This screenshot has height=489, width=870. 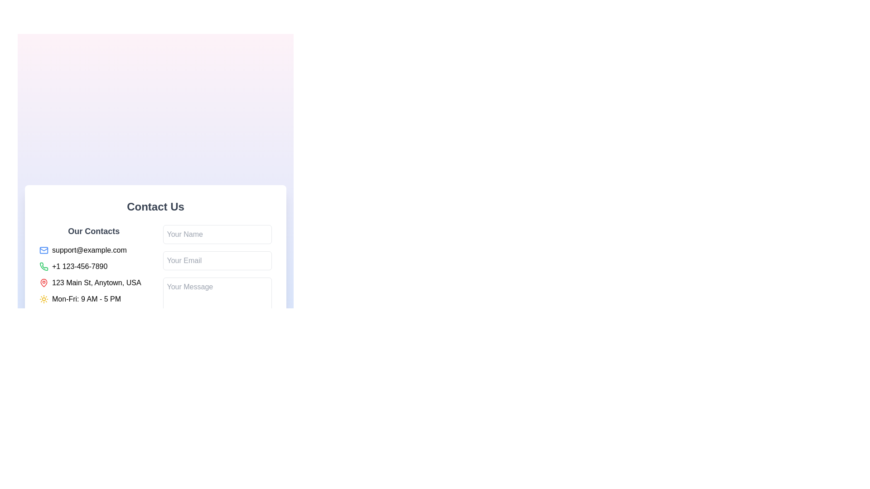 I want to click on the Text block displaying contact details in the 'Contact Us' section, so click(x=94, y=291).